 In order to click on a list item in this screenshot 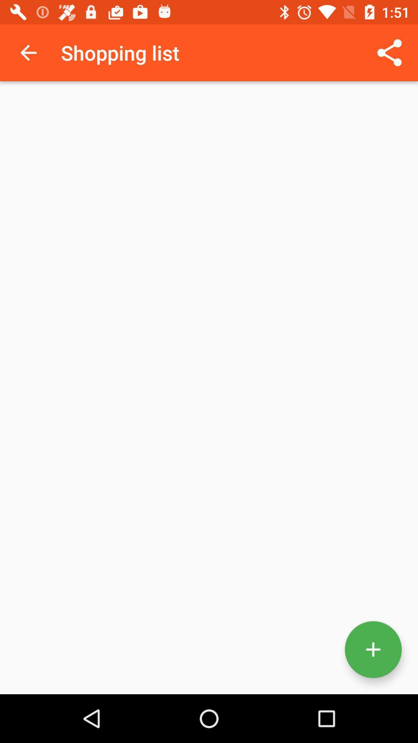, I will do `click(373, 649)`.